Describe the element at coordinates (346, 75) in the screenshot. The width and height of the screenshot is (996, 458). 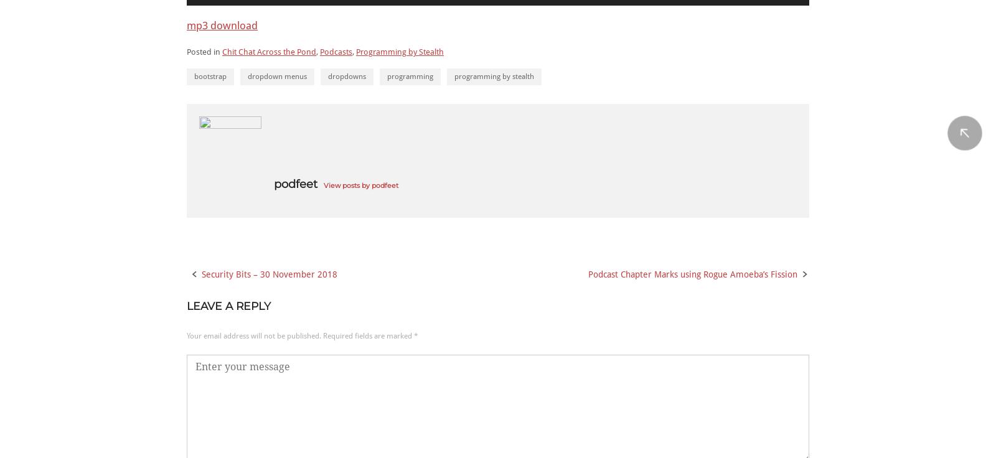
I see `'dropdowns'` at that location.